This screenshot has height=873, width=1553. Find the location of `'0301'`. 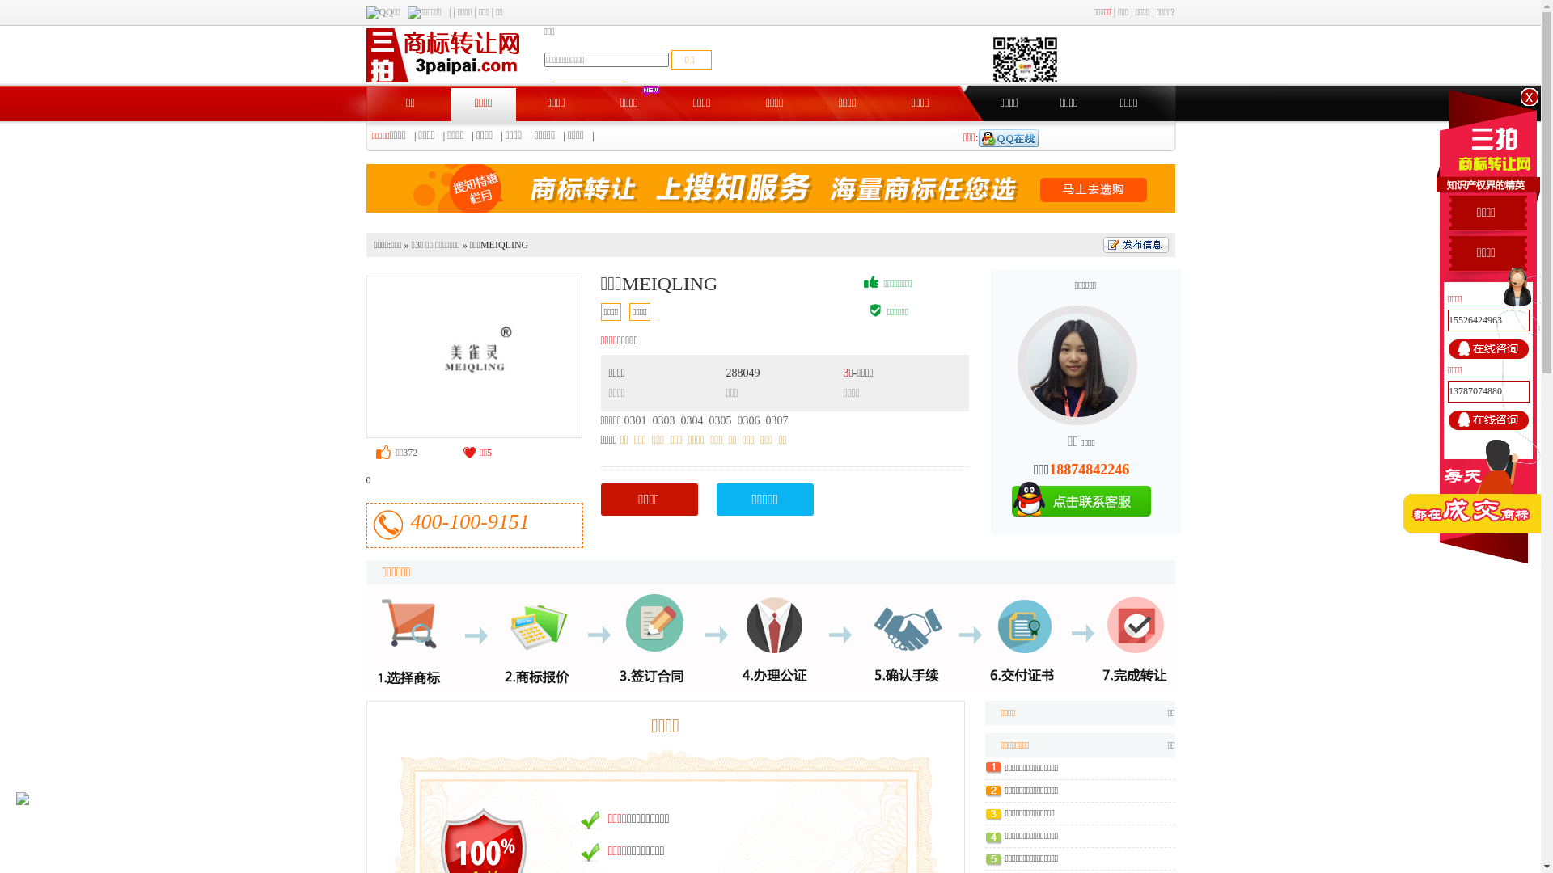

'0301' is located at coordinates (635, 420).